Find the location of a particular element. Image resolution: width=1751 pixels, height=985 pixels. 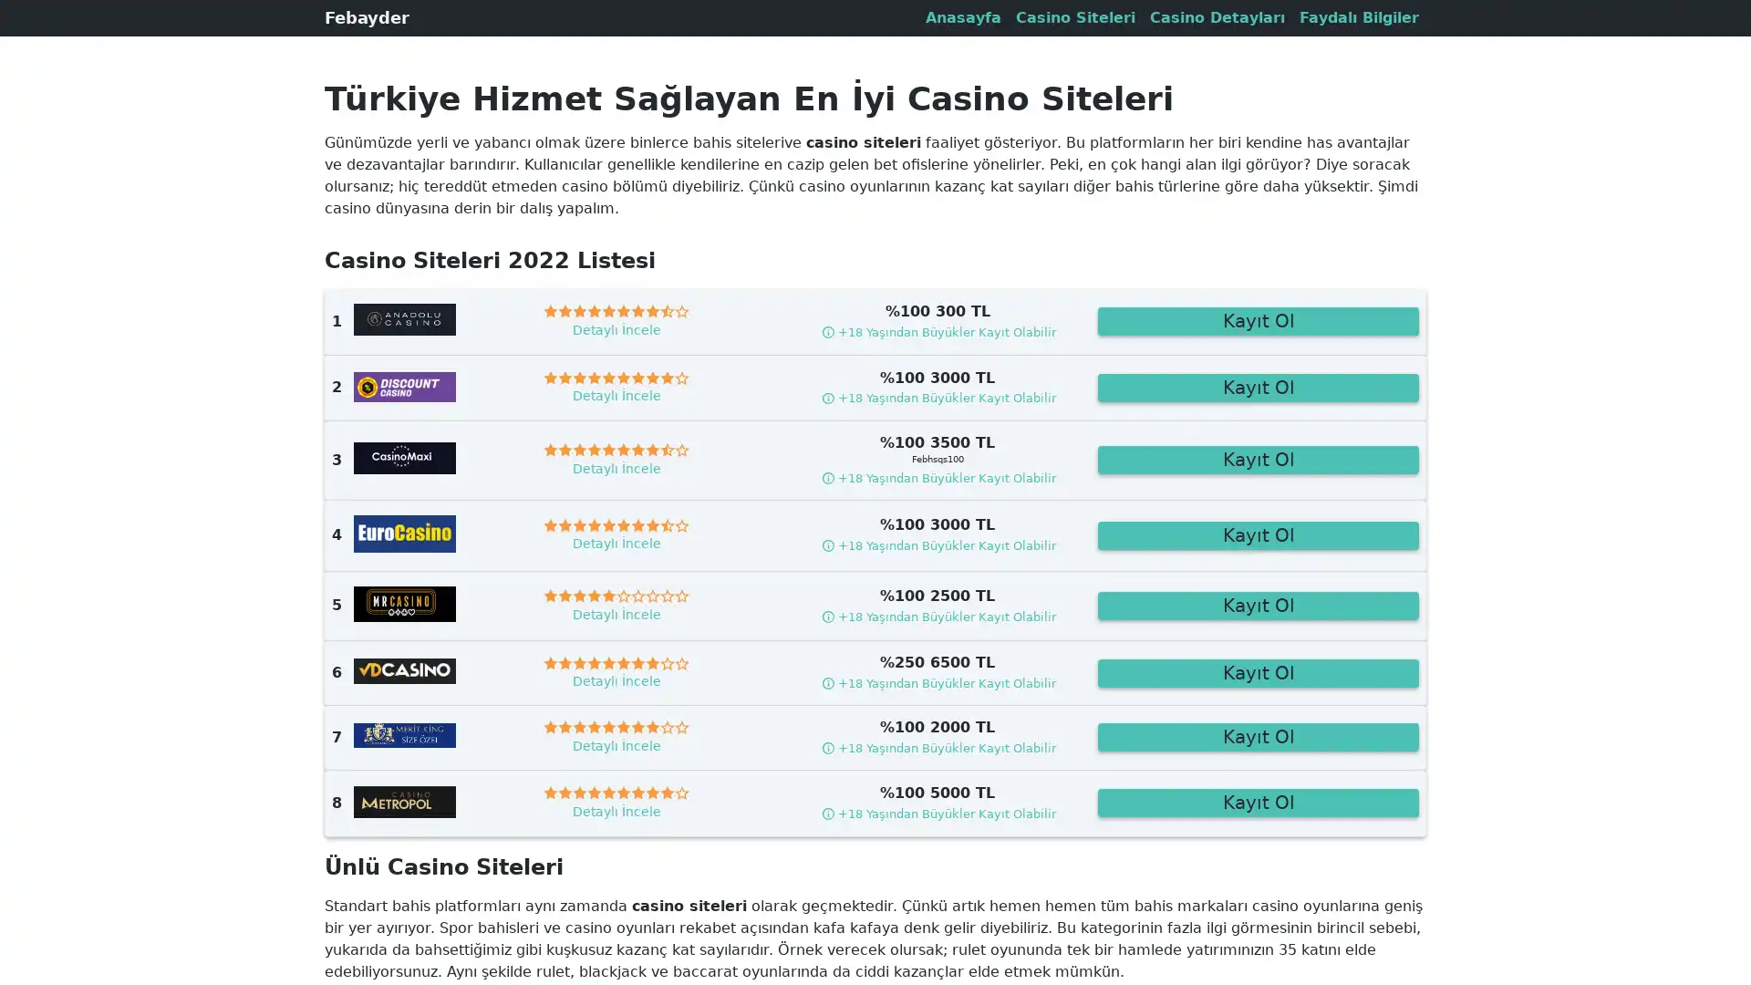

Load terms and conditions is located at coordinates (937, 812).